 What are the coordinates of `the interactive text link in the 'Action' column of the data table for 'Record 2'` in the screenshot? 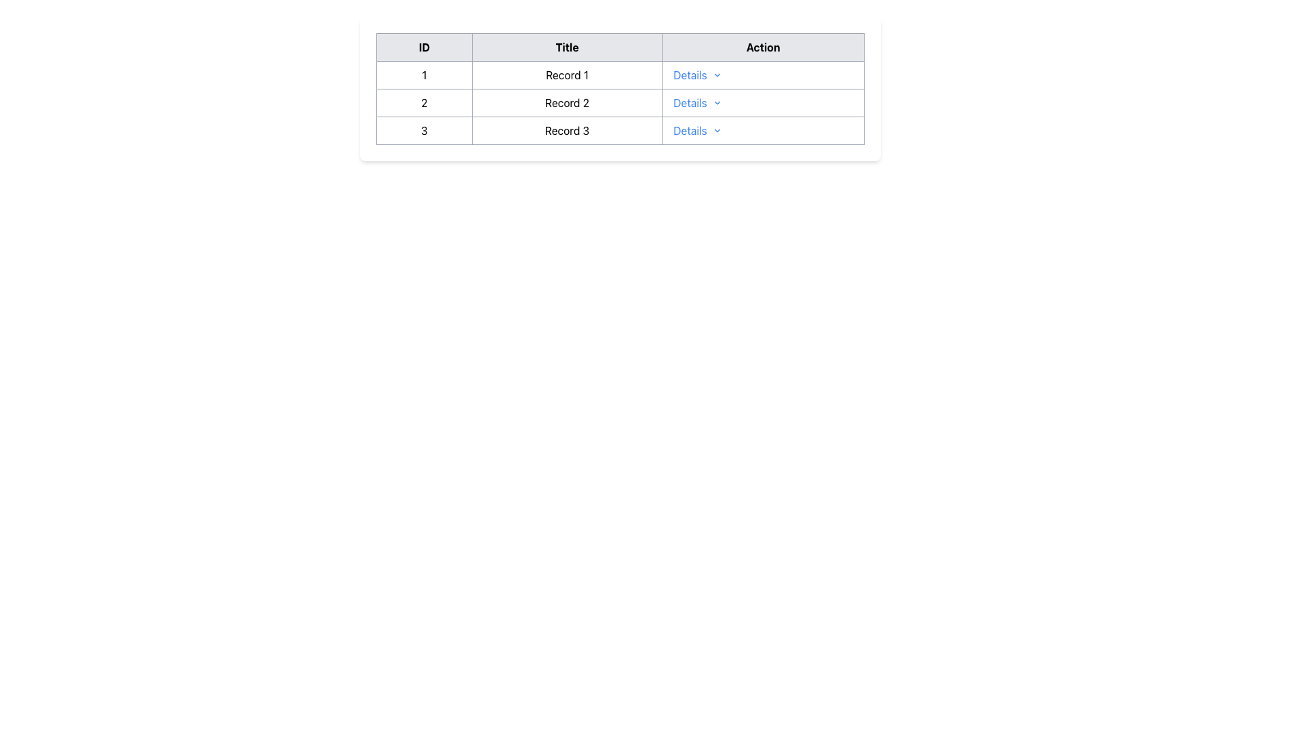 It's located at (697, 102).